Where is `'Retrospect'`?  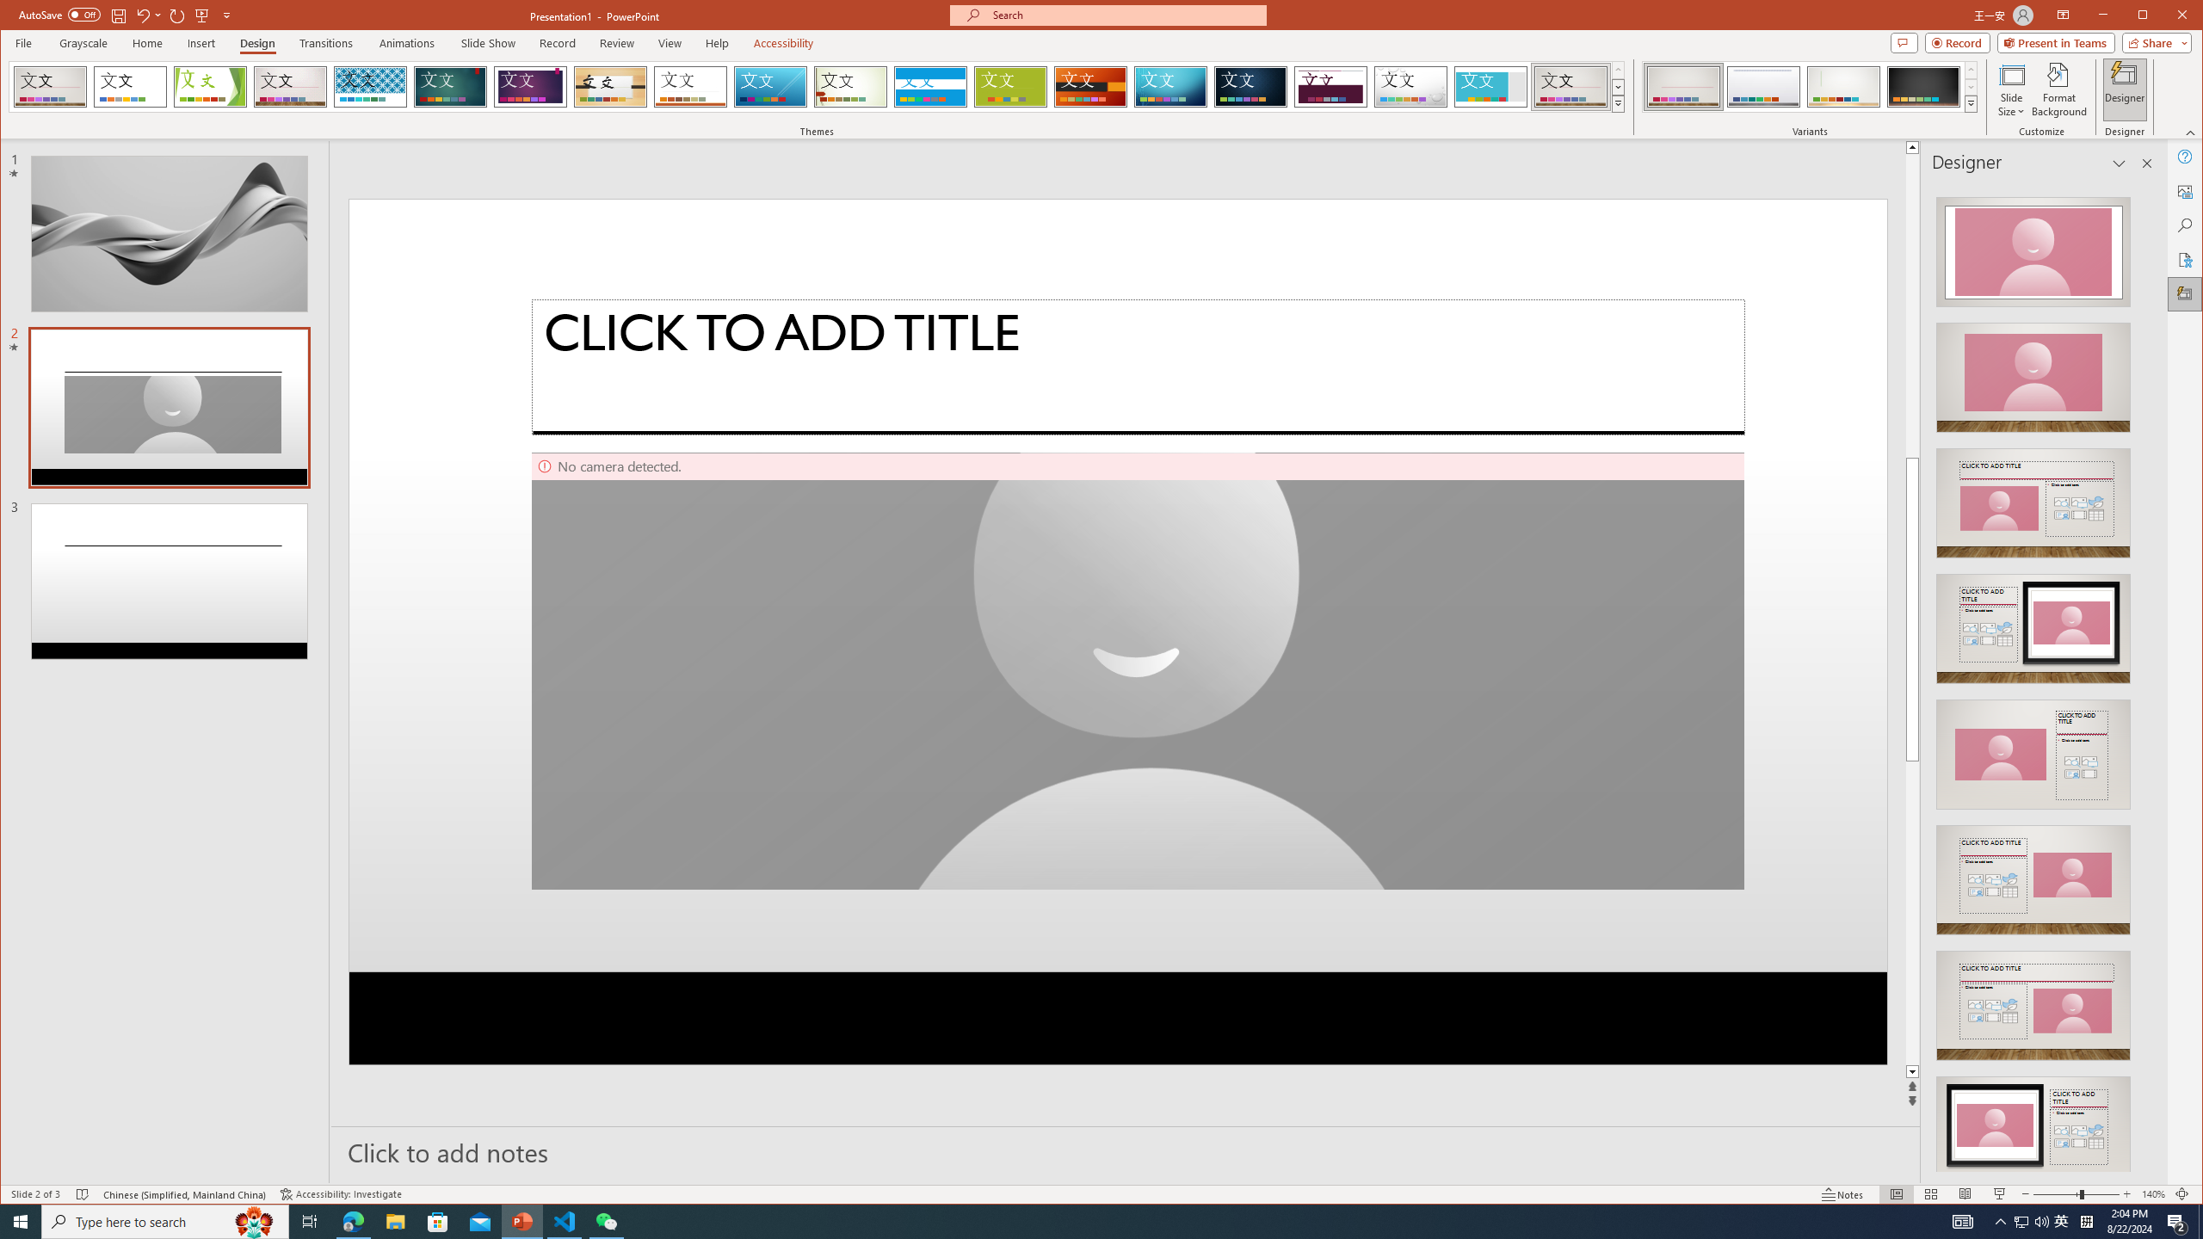
'Retrospect' is located at coordinates (690, 86).